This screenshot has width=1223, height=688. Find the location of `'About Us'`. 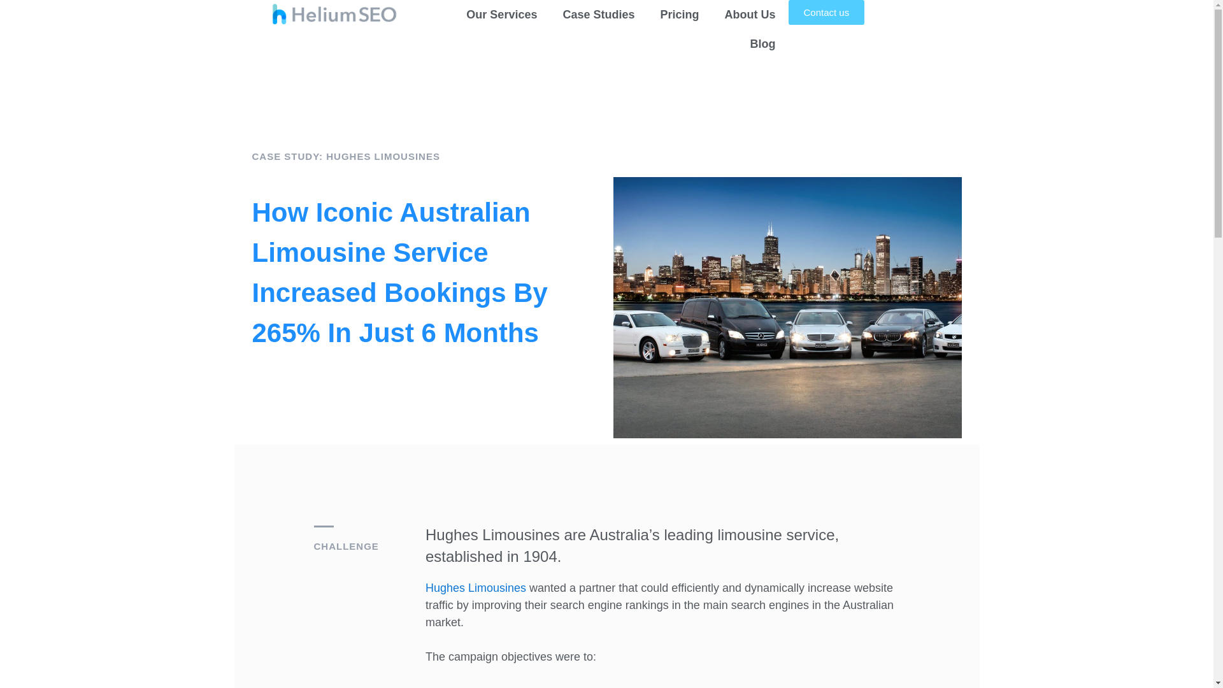

'About Us' is located at coordinates (750, 15).